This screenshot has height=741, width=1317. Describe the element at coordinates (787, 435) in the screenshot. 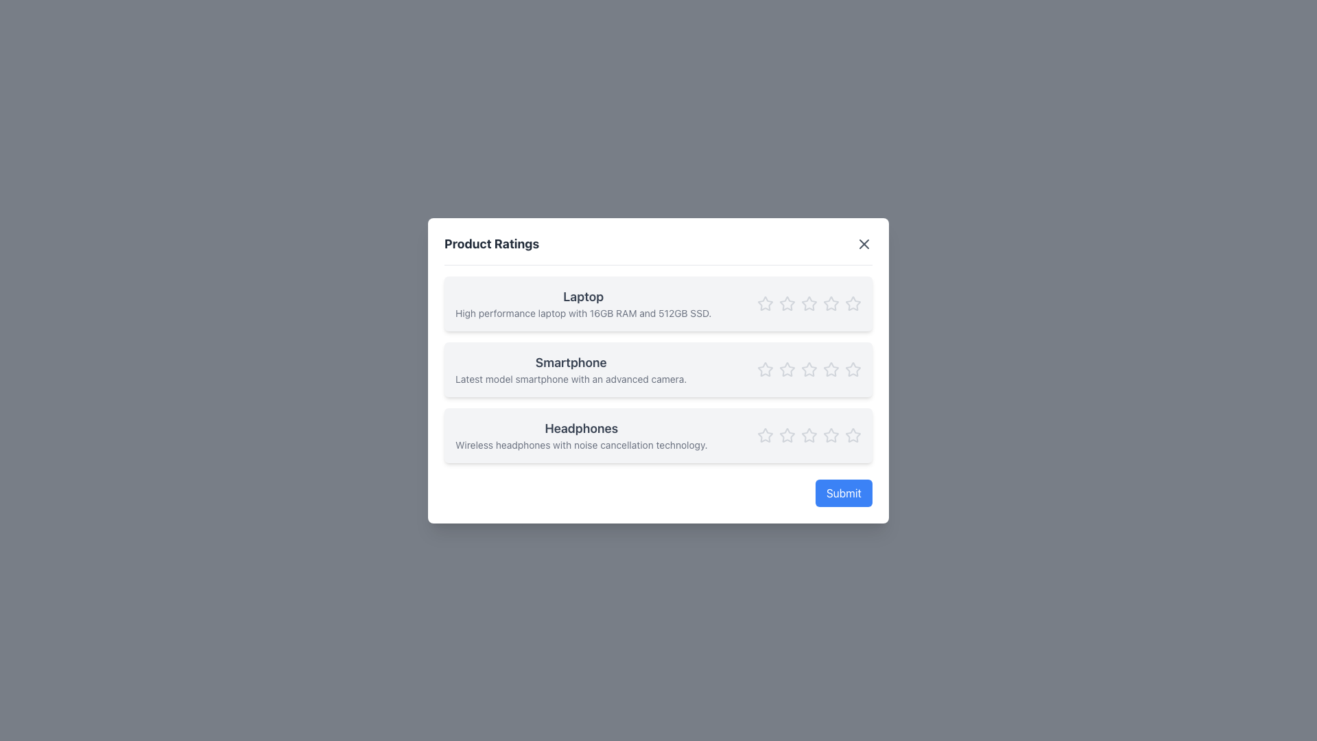

I see `the third star icon from the left in the 'Headphones' rating row, which is a graphical star icon with a gray outline and a hollow center` at that location.